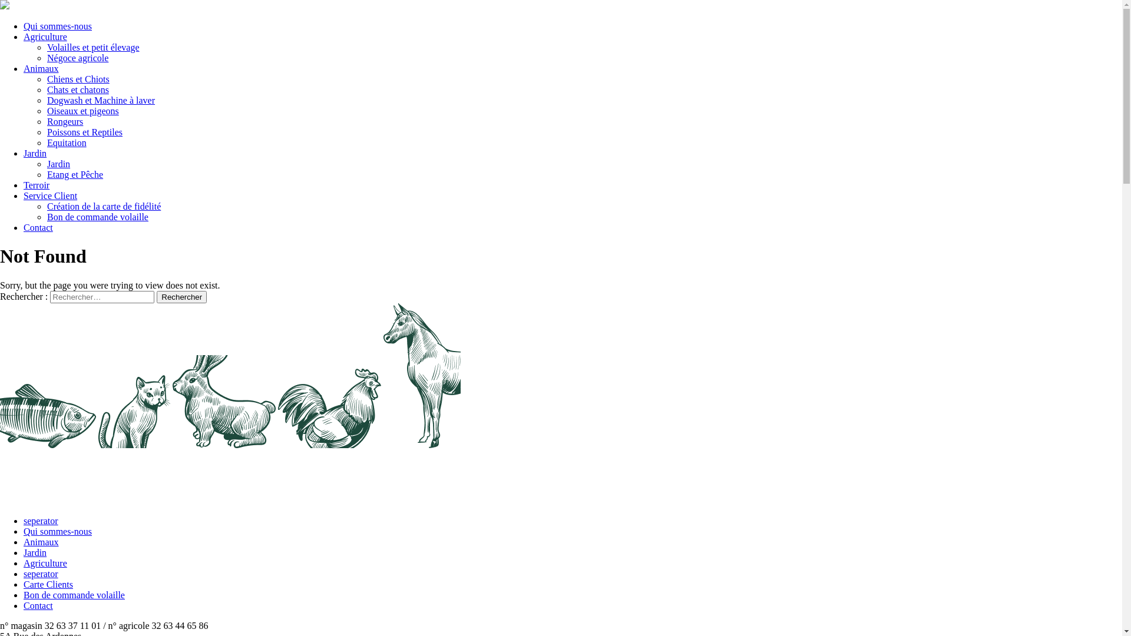 The width and height of the screenshot is (1131, 636). What do you see at coordinates (66, 142) in the screenshot?
I see `'Equitation'` at bounding box center [66, 142].